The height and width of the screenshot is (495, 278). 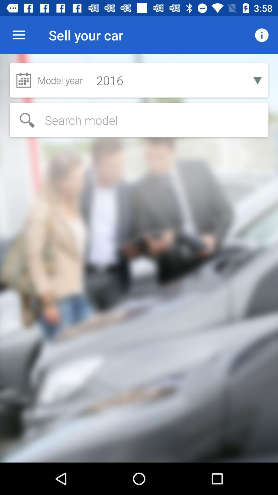 What do you see at coordinates (139, 120) in the screenshot?
I see `search text field` at bounding box center [139, 120].